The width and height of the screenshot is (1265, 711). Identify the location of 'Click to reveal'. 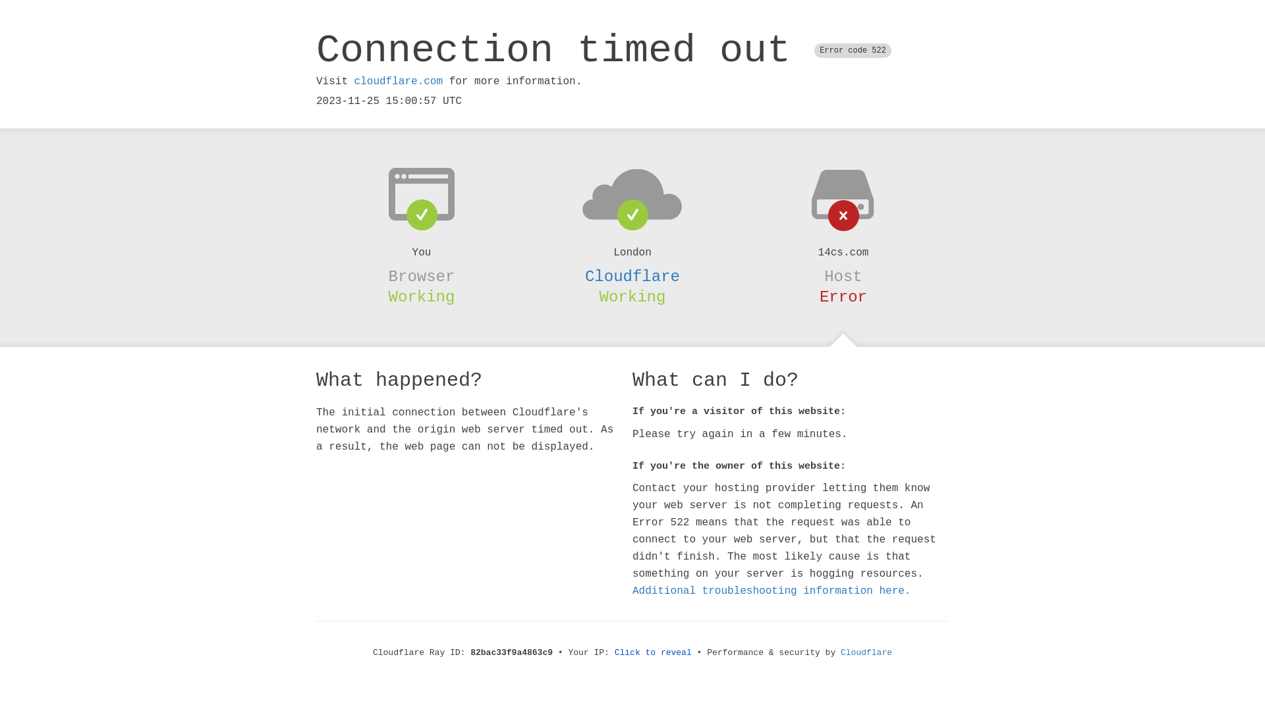
(653, 652).